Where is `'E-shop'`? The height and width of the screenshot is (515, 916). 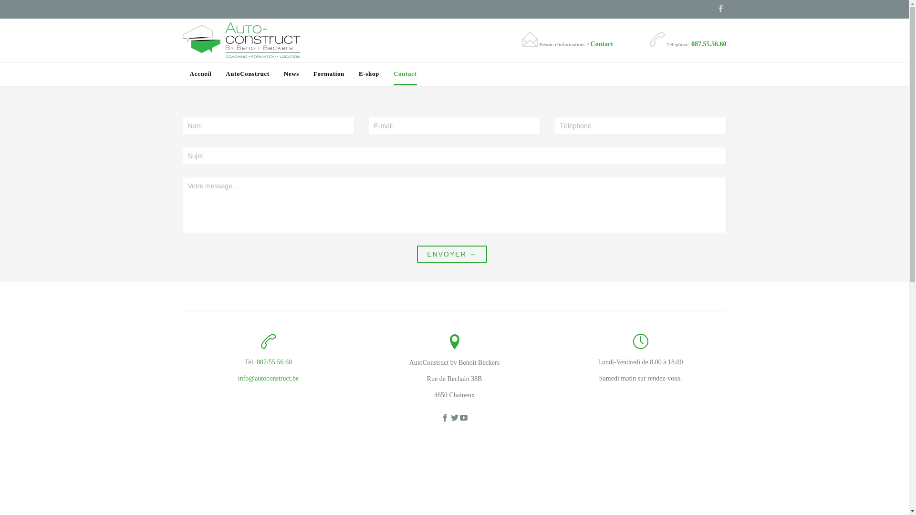 'E-shop' is located at coordinates (358, 74).